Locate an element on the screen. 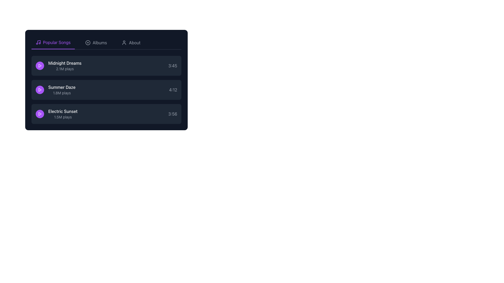 This screenshot has width=504, height=283. the navigation button that switches to the 'Albums' section is located at coordinates (96, 42).